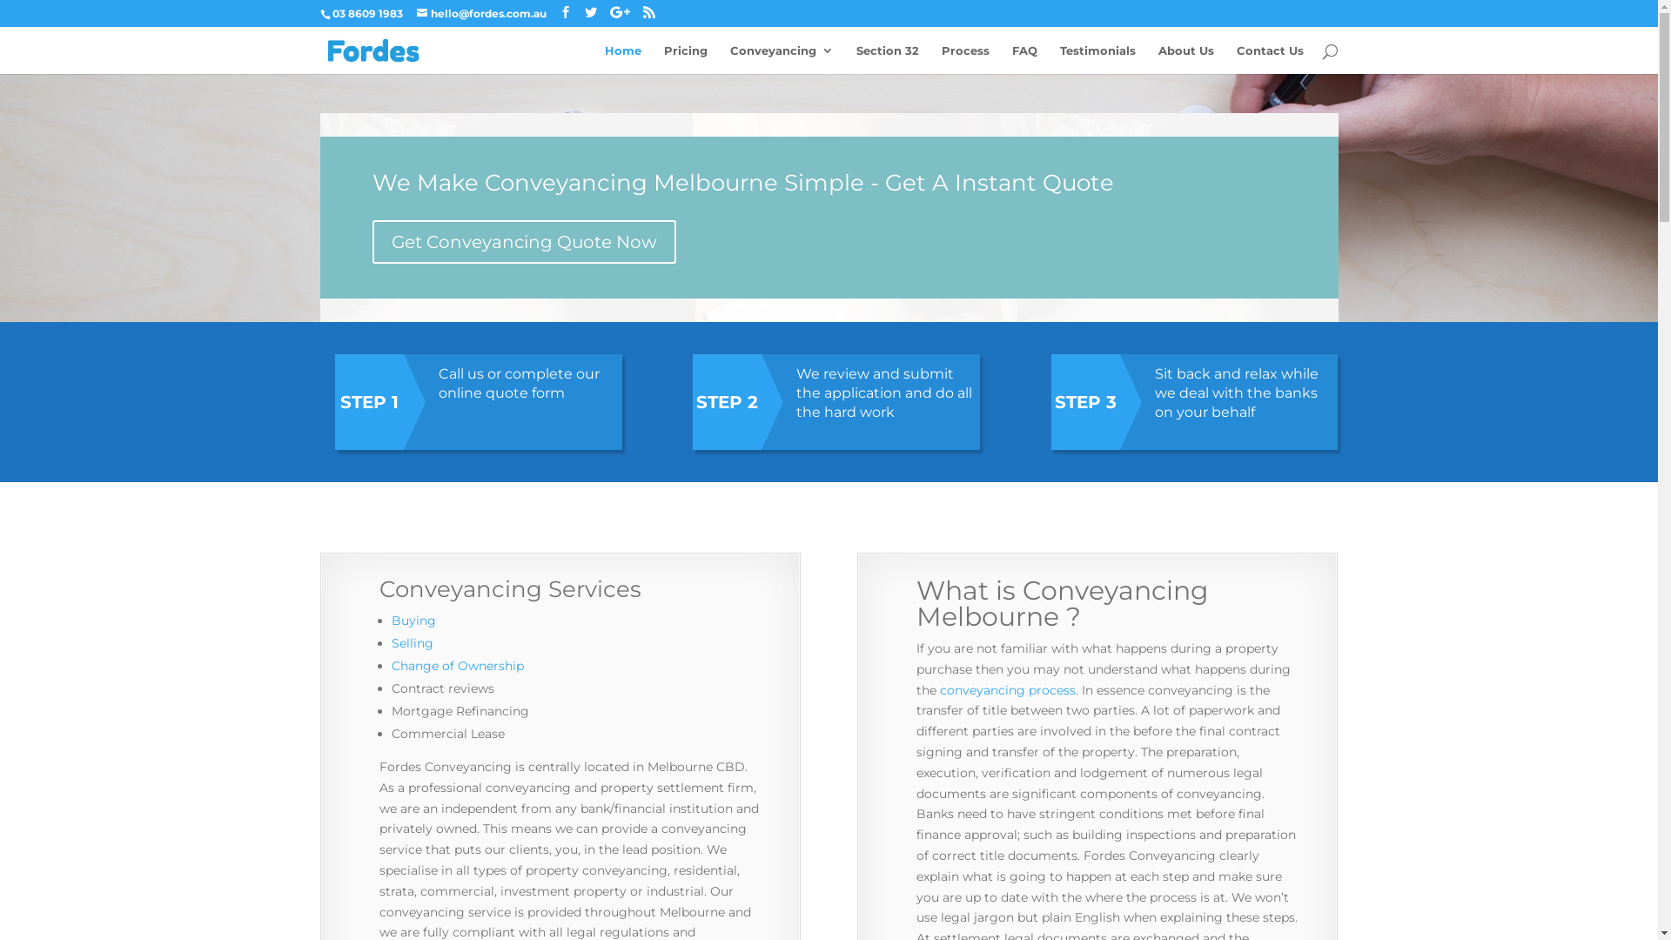 This screenshot has width=1671, height=940. I want to click on 'Conveyancing', so click(780, 58).